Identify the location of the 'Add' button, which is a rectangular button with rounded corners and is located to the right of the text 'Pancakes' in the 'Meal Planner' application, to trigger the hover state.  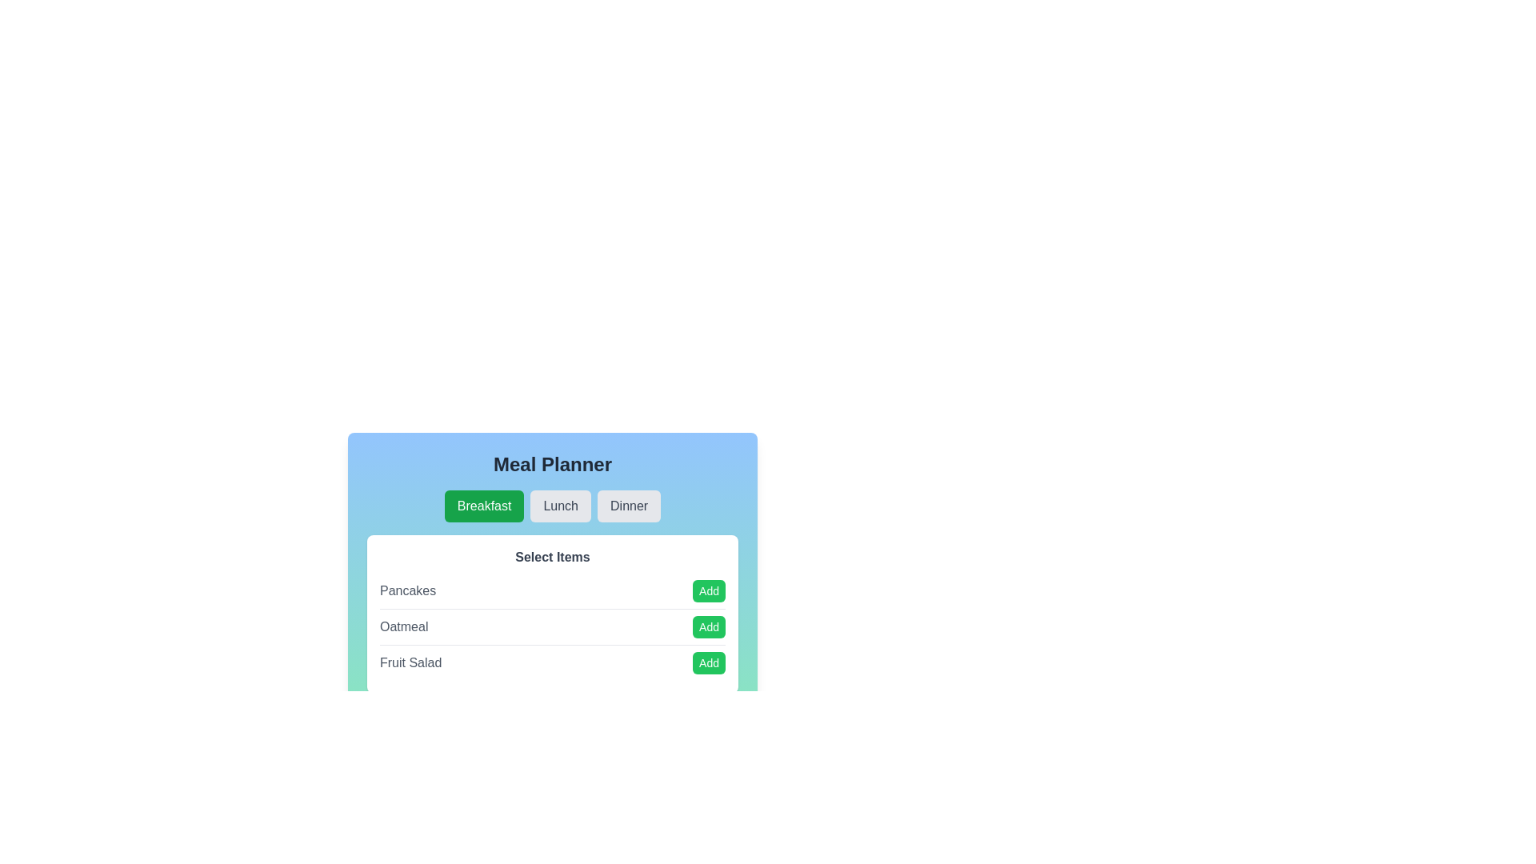
(708, 591).